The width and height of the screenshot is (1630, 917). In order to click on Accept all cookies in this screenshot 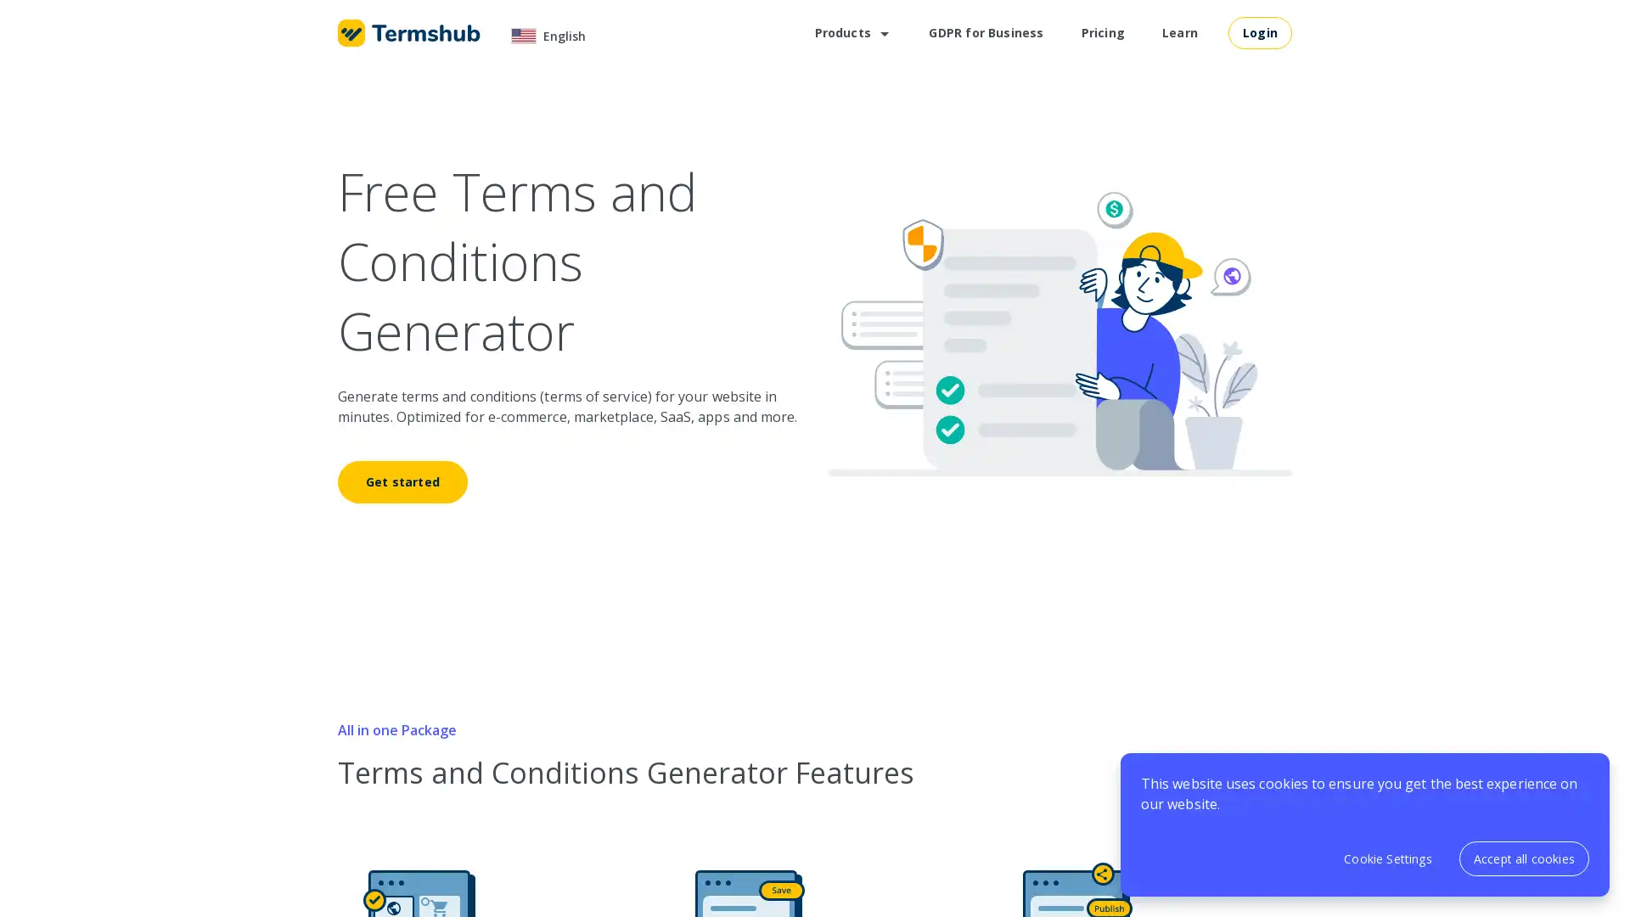, I will do `click(1524, 858)`.